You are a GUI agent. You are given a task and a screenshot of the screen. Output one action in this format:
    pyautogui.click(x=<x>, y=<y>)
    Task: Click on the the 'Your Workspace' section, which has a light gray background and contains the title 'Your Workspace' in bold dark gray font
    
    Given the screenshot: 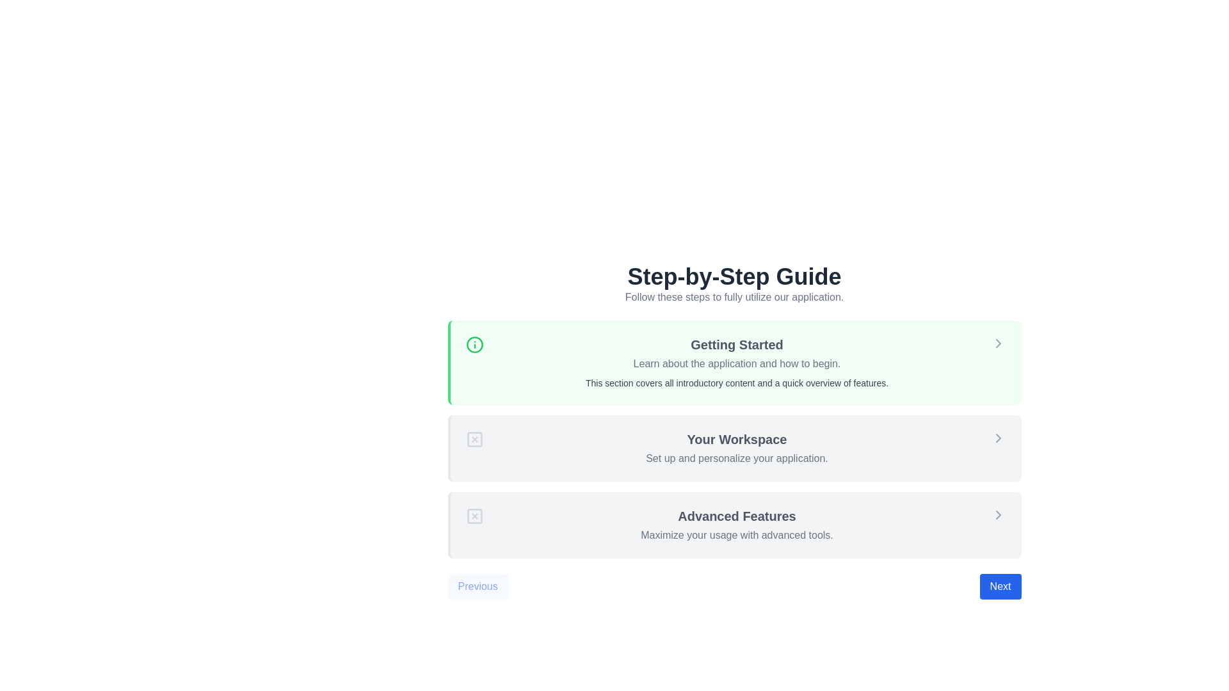 What is the action you would take?
    pyautogui.click(x=734, y=432)
    